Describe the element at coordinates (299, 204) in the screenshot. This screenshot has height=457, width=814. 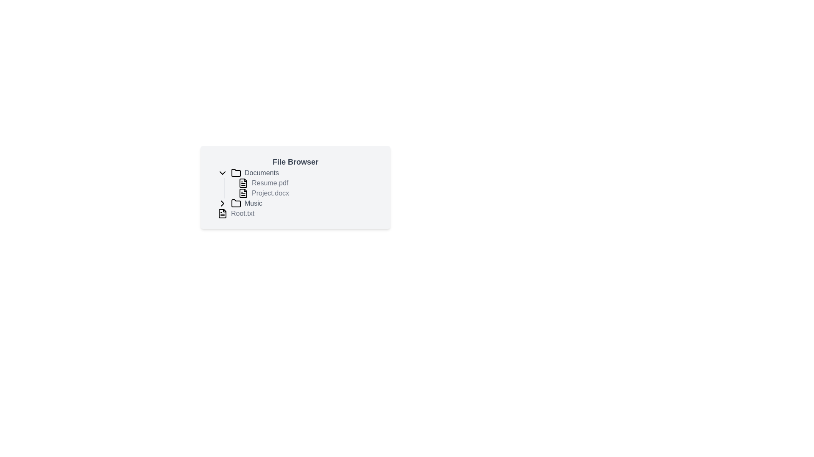
I see `the interactive folder entry labeled 'Music' in the file browser` at that location.